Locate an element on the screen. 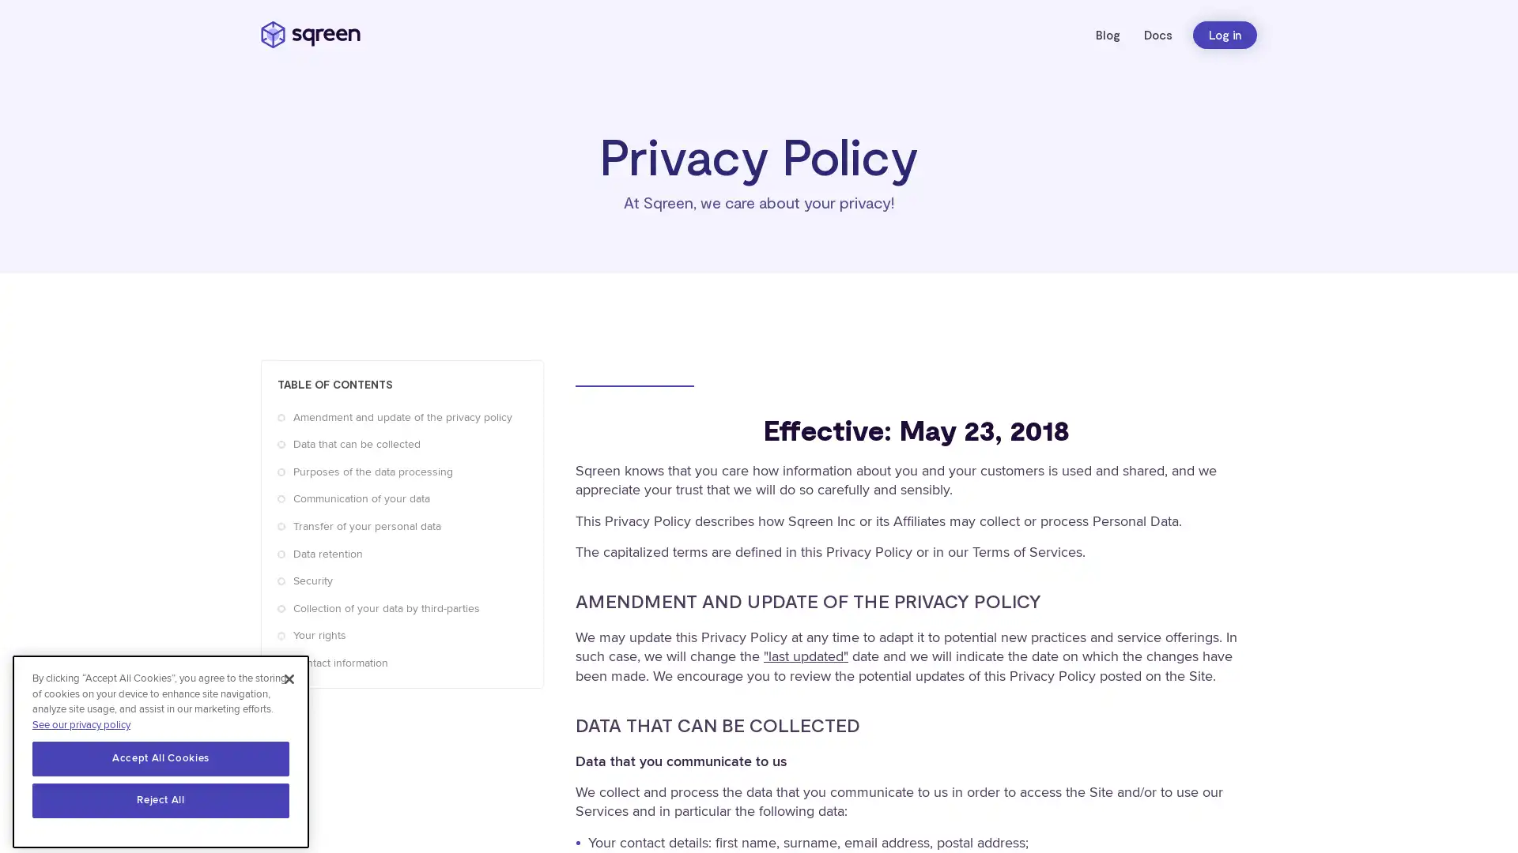 This screenshot has height=853, width=1518. Close is located at coordinates (289, 672).